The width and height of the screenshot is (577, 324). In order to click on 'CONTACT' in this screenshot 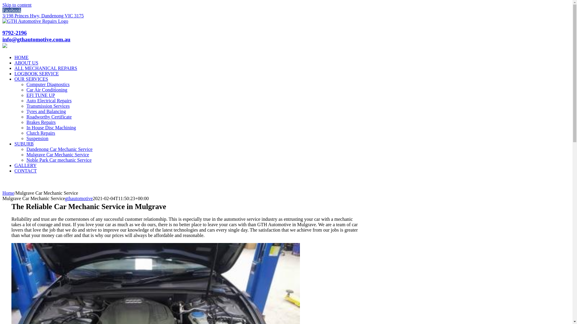, I will do `click(25, 171)`.